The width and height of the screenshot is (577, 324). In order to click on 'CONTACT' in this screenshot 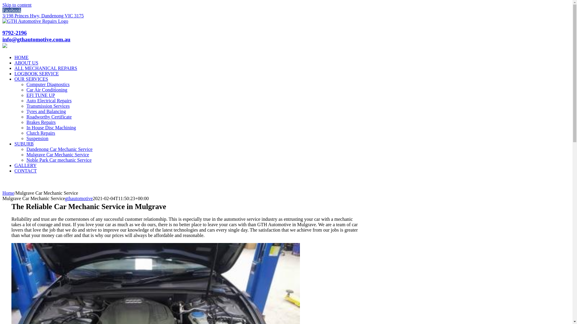, I will do `click(25, 171)`.